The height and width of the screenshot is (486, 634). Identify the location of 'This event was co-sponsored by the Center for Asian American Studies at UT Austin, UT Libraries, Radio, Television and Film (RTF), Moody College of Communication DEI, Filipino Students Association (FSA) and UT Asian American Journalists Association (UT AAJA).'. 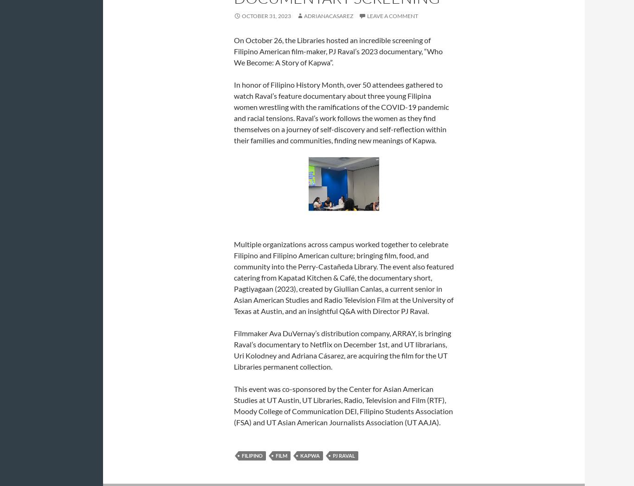
(343, 405).